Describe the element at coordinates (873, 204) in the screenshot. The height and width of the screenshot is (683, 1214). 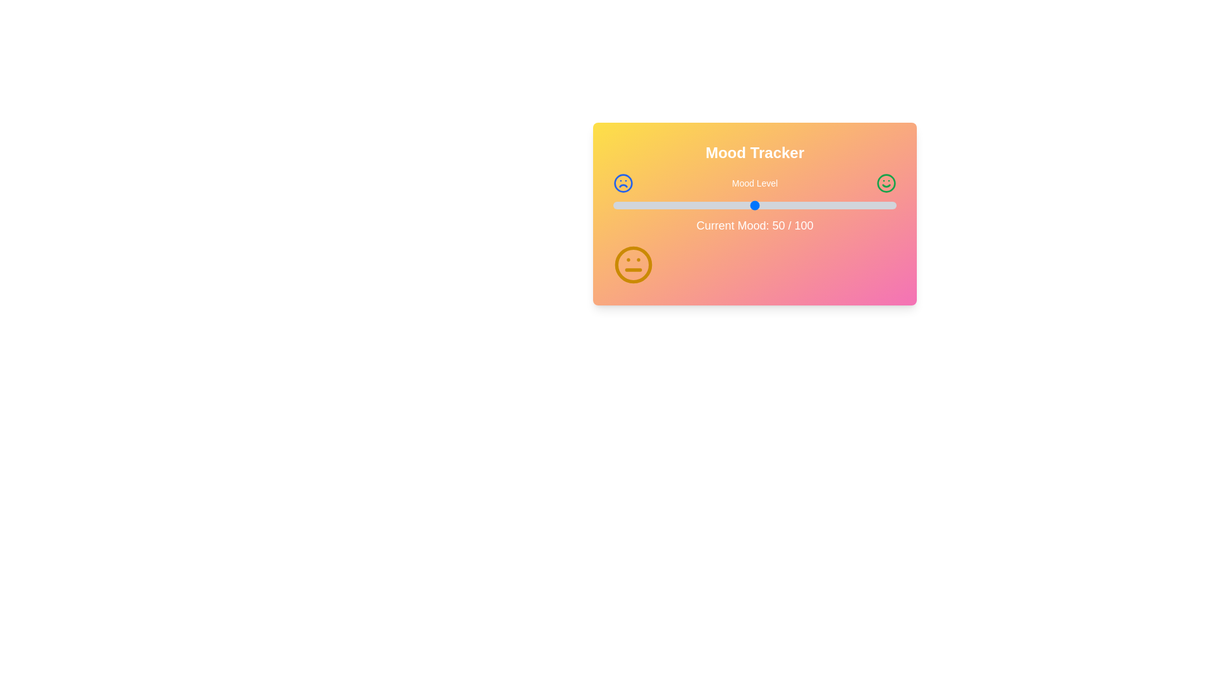
I see `the mood level slider to 92 where mood_level is a percentage between 0 and 100` at that location.